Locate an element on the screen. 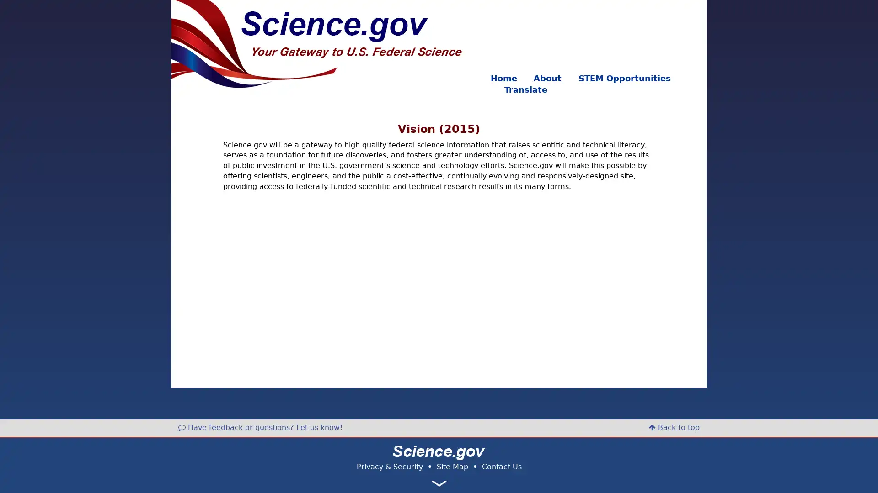 The height and width of the screenshot is (493, 878). expand is located at coordinates (439, 483).